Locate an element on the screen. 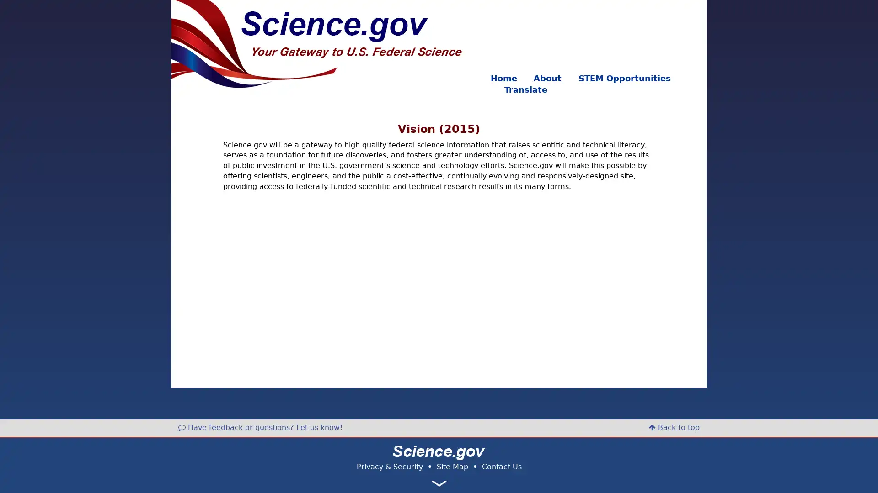 The height and width of the screenshot is (493, 878). expand is located at coordinates (439, 483).